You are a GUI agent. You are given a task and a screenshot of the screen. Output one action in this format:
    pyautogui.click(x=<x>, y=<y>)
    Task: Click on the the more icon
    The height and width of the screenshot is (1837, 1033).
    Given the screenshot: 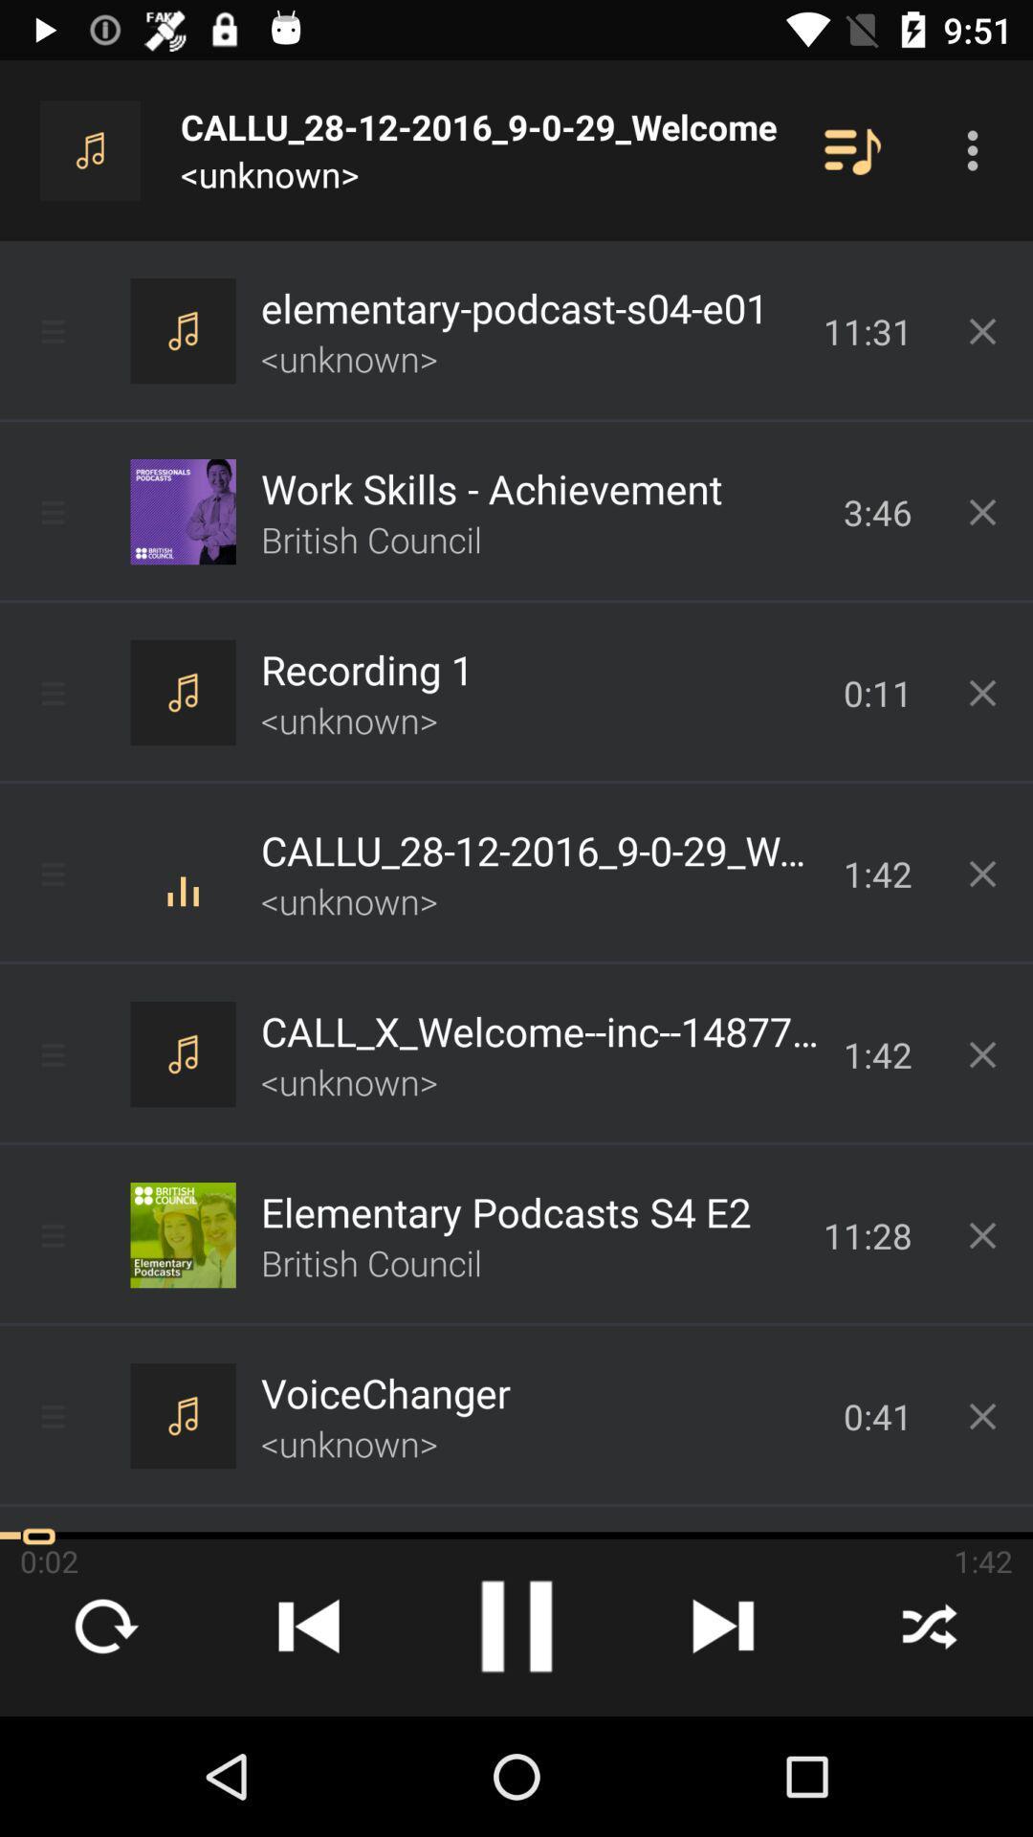 What is the action you would take?
    pyautogui.click(x=973, y=149)
    